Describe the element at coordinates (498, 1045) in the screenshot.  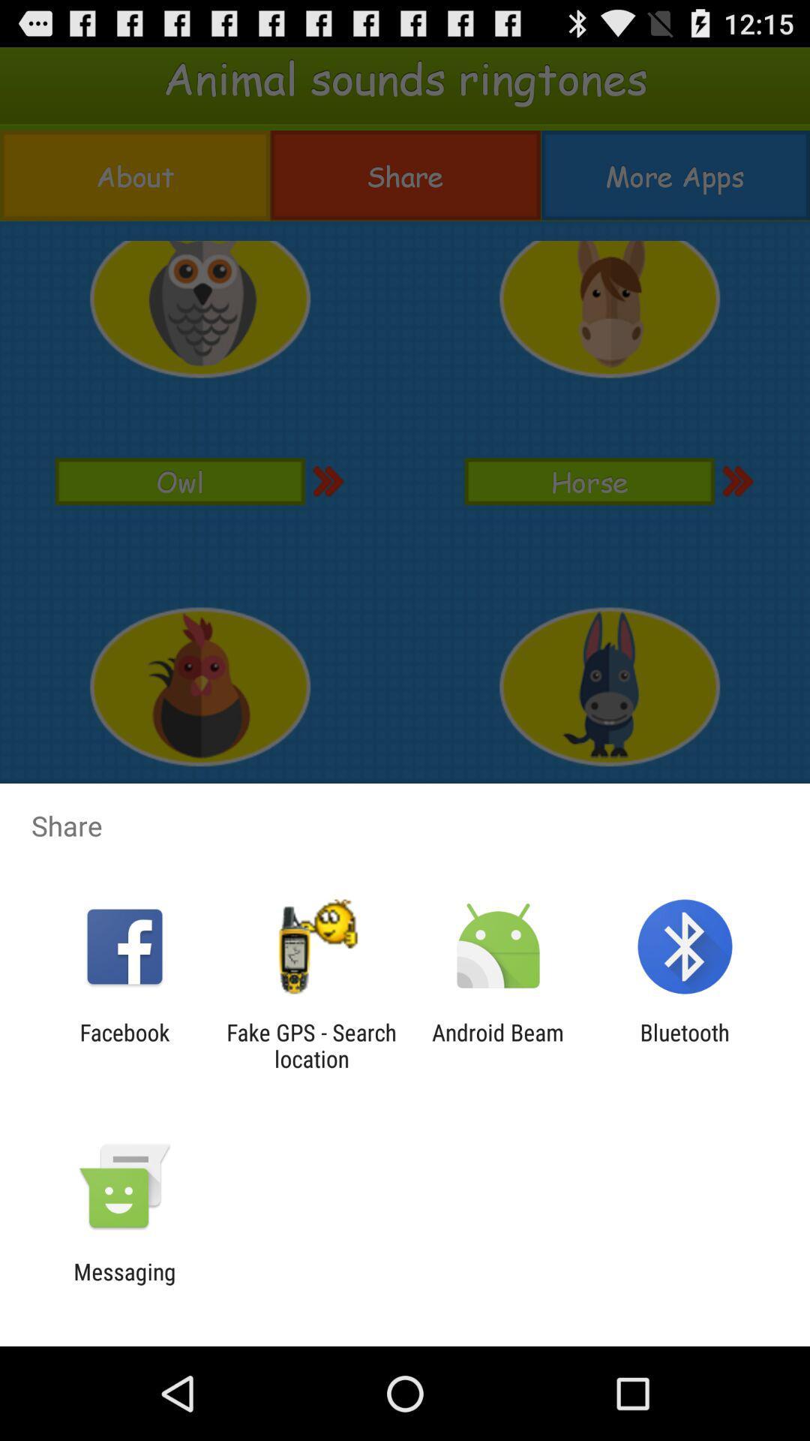
I see `the android beam app` at that location.